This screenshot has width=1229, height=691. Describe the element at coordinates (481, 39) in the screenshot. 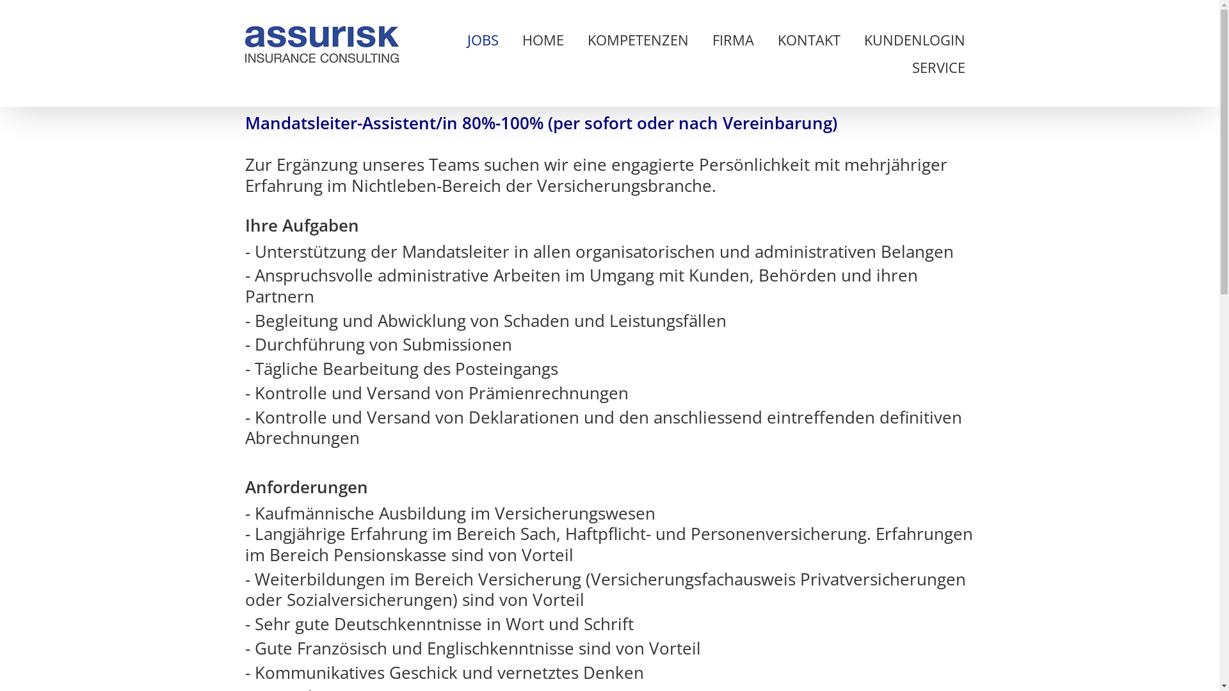

I see `'JOBS'` at that location.